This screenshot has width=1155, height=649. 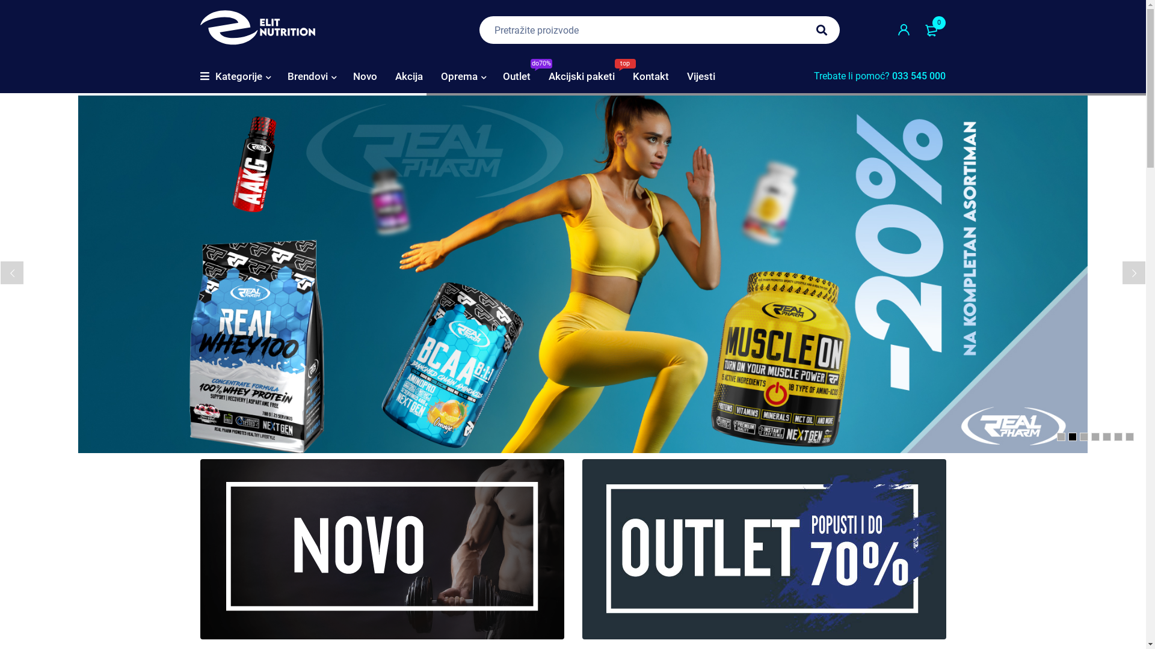 What do you see at coordinates (307, 76) in the screenshot?
I see `'Brendovi'` at bounding box center [307, 76].